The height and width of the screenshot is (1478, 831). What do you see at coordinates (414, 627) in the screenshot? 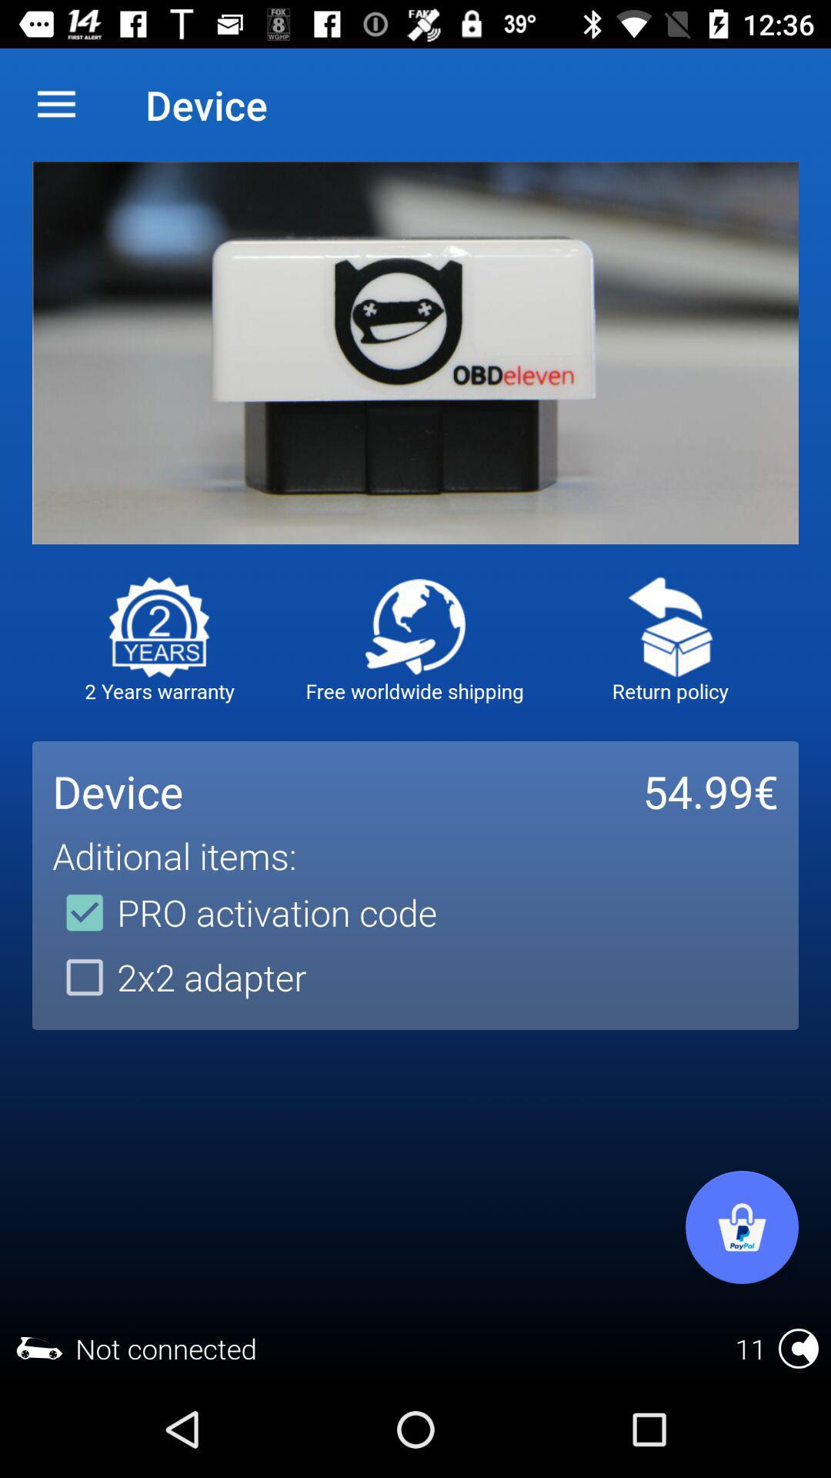
I see `purchase button global shipping select ship method` at bounding box center [414, 627].